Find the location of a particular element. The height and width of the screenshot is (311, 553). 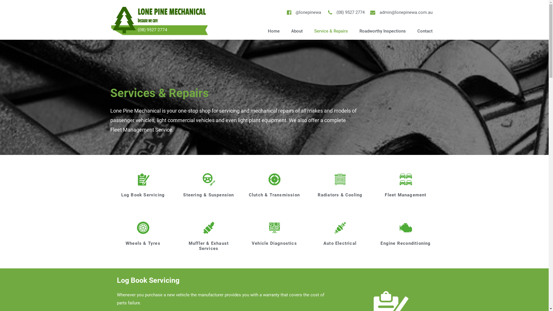

'fleet' is located at coordinates (406, 179).